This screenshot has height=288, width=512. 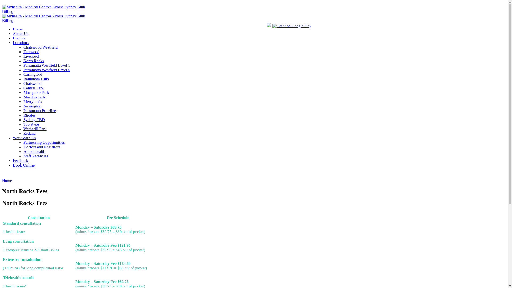 What do you see at coordinates (34, 151) in the screenshot?
I see `'Allied Health'` at bounding box center [34, 151].